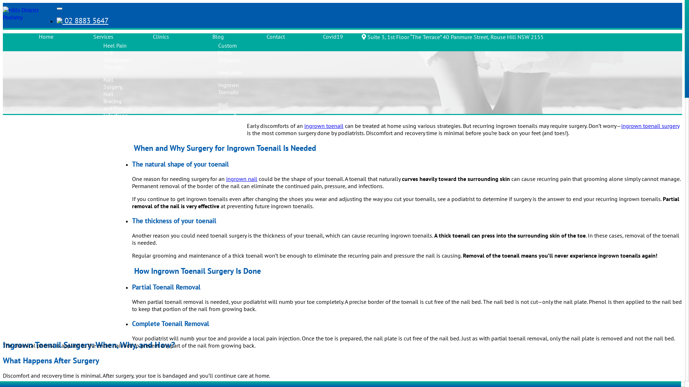 This screenshot has height=387, width=689. Describe the element at coordinates (160, 36) in the screenshot. I see `'Clinics'` at that location.